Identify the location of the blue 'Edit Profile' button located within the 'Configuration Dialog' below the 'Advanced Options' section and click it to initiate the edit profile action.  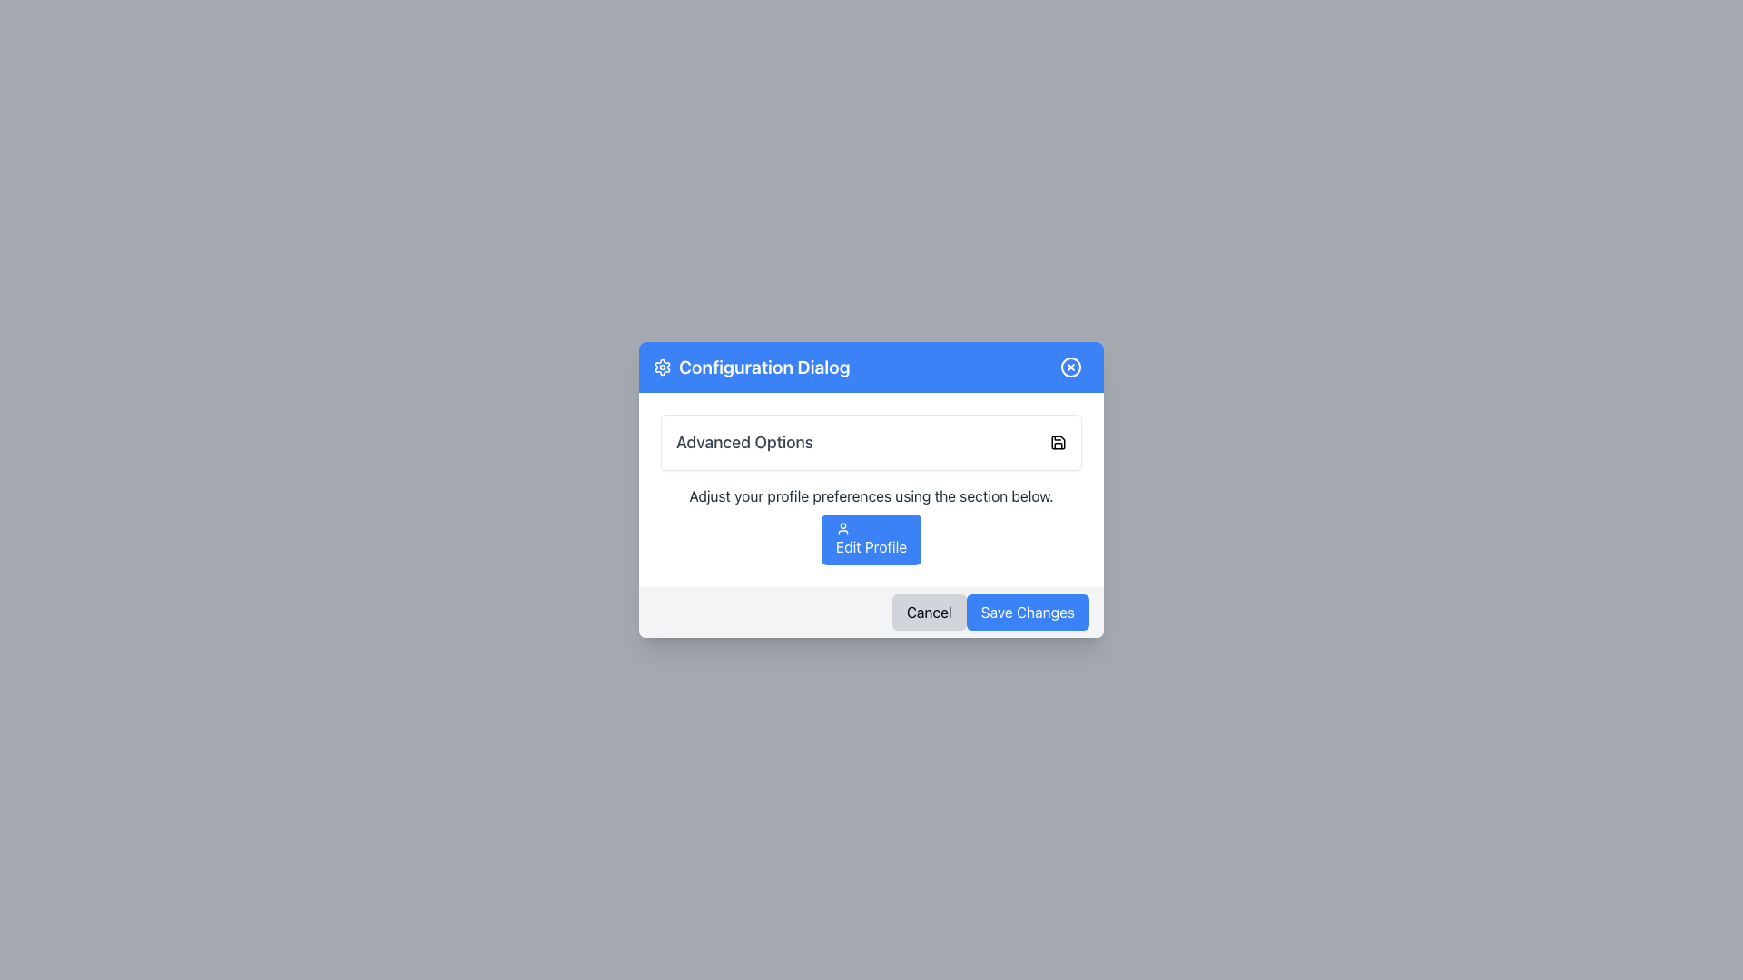
(871, 524).